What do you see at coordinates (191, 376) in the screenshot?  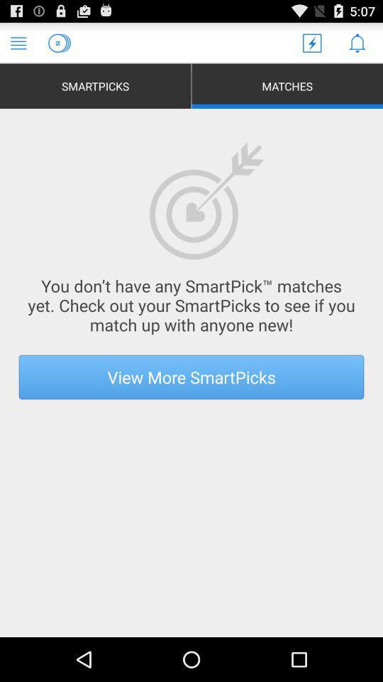 I see `view more smartpicks icon` at bounding box center [191, 376].